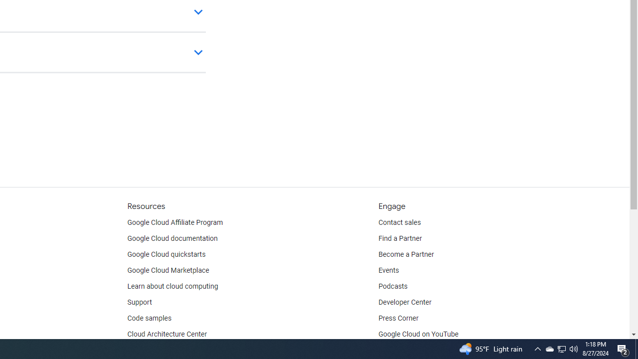  What do you see at coordinates (172, 286) in the screenshot?
I see `'Learn about cloud computing'` at bounding box center [172, 286].